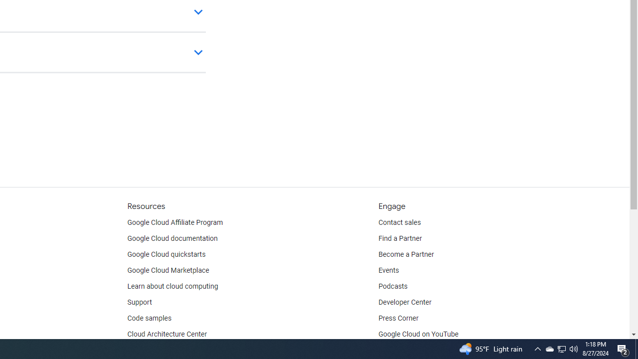  What do you see at coordinates (172, 286) in the screenshot?
I see `'Learn about cloud computing'` at bounding box center [172, 286].